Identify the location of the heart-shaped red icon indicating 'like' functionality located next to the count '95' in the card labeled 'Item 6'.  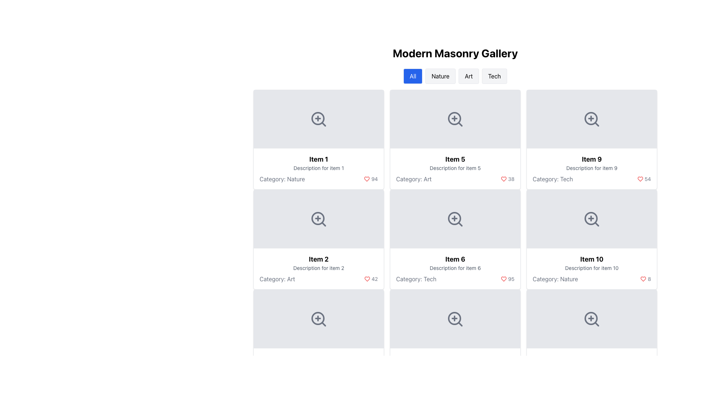
(503, 279).